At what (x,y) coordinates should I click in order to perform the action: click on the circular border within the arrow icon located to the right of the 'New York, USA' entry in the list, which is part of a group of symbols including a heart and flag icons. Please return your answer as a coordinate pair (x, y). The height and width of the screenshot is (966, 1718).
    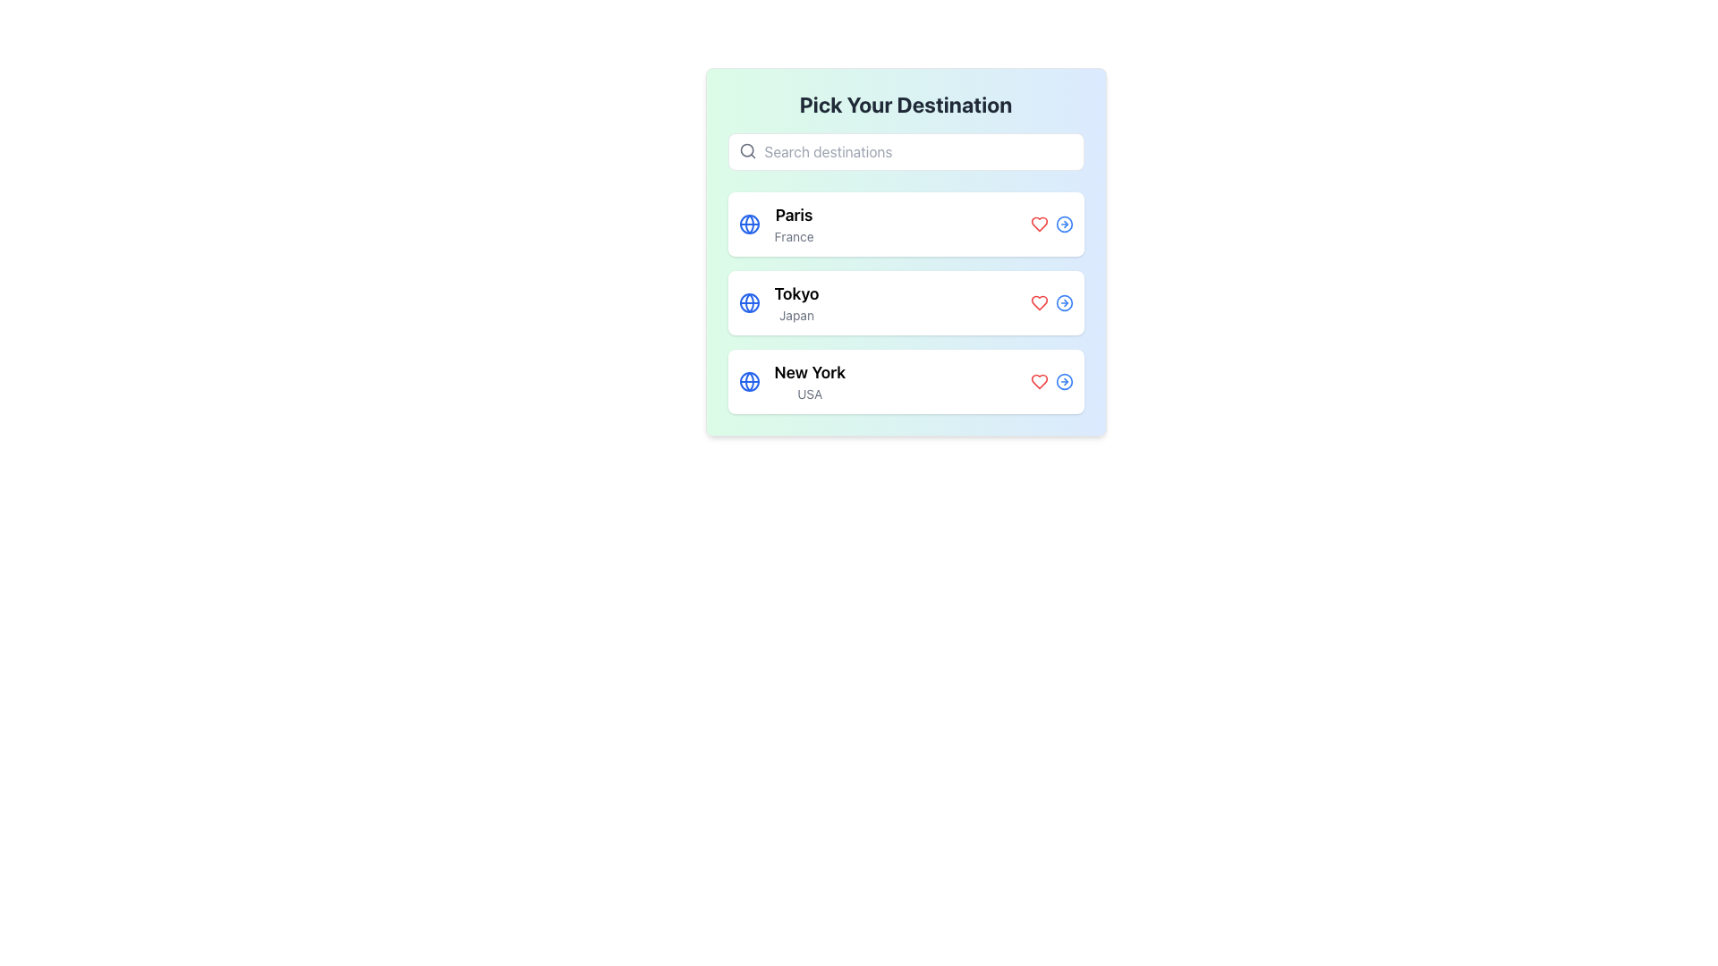
    Looking at the image, I should click on (1064, 381).